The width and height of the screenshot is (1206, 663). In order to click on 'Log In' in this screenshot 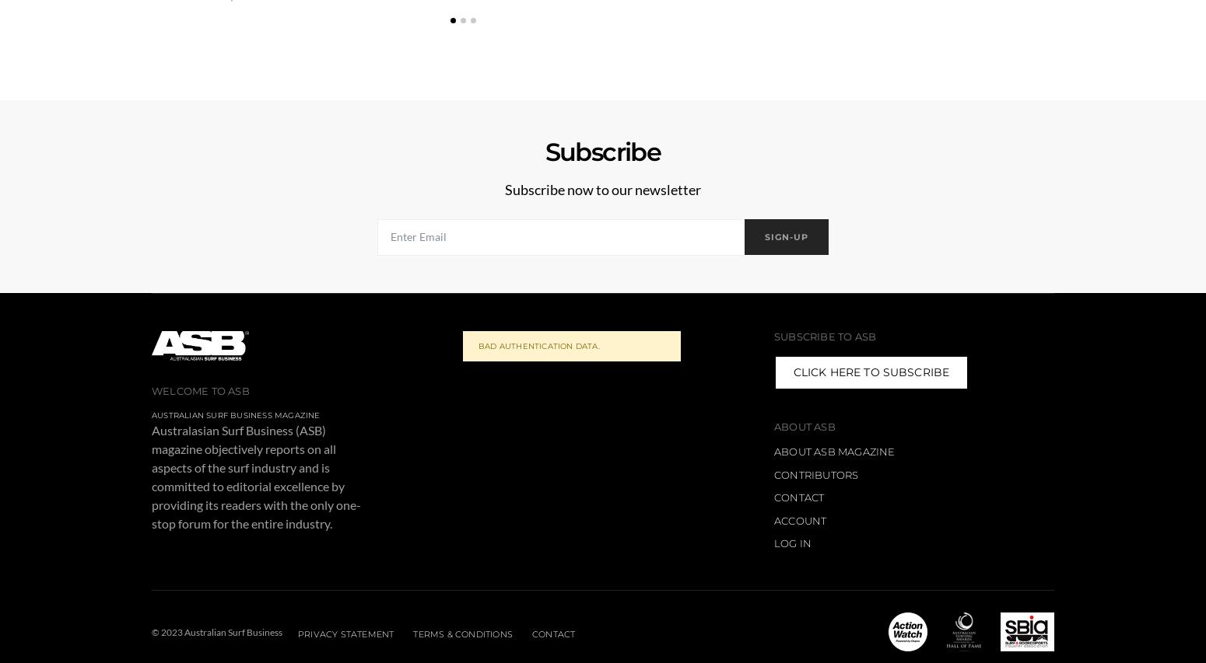, I will do `click(792, 543)`.